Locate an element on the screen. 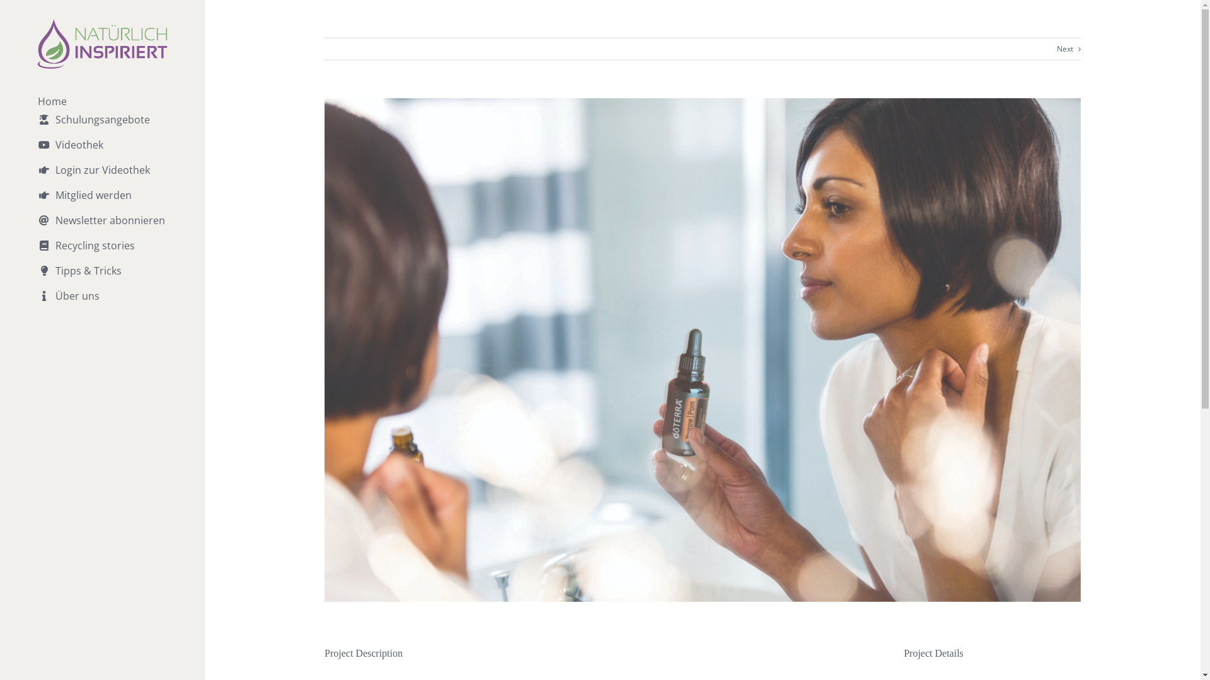 Image resolution: width=1210 pixels, height=680 pixels. 'Home' is located at coordinates (102, 101).